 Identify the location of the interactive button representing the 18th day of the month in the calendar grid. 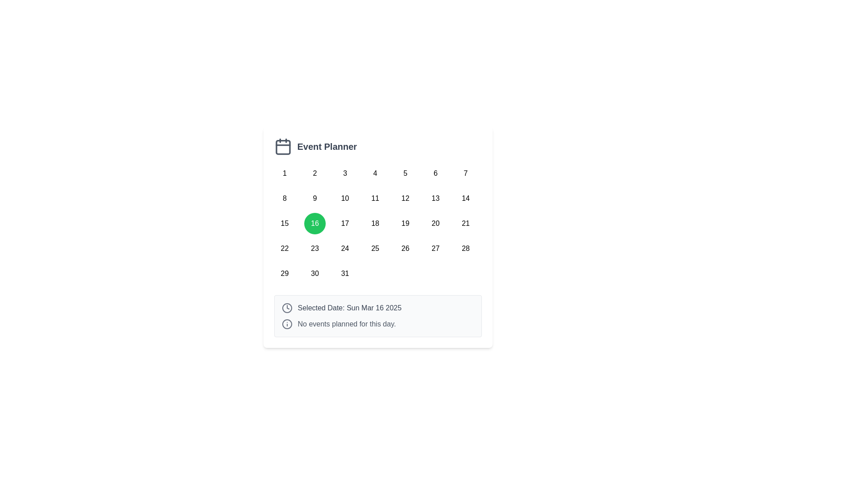
(375, 223).